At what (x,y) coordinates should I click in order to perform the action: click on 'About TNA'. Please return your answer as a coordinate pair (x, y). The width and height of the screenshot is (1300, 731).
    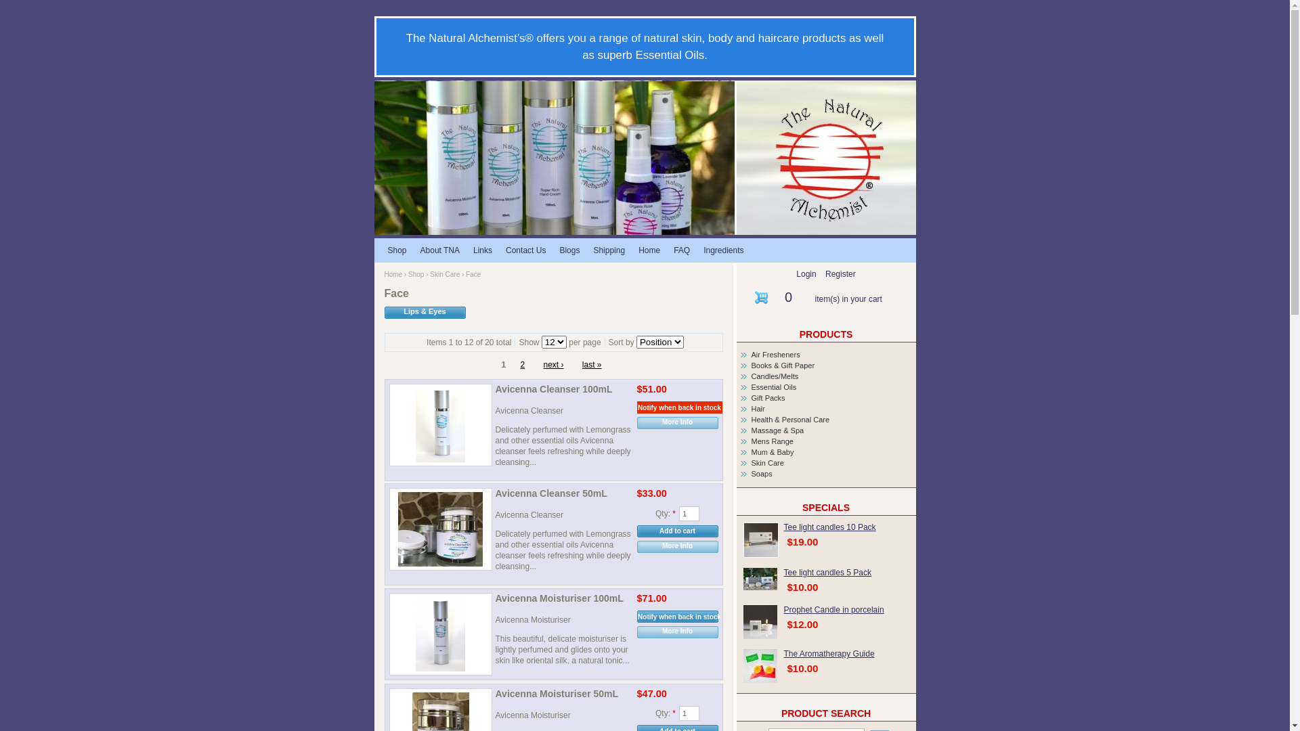
    Looking at the image, I should click on (439, 250).